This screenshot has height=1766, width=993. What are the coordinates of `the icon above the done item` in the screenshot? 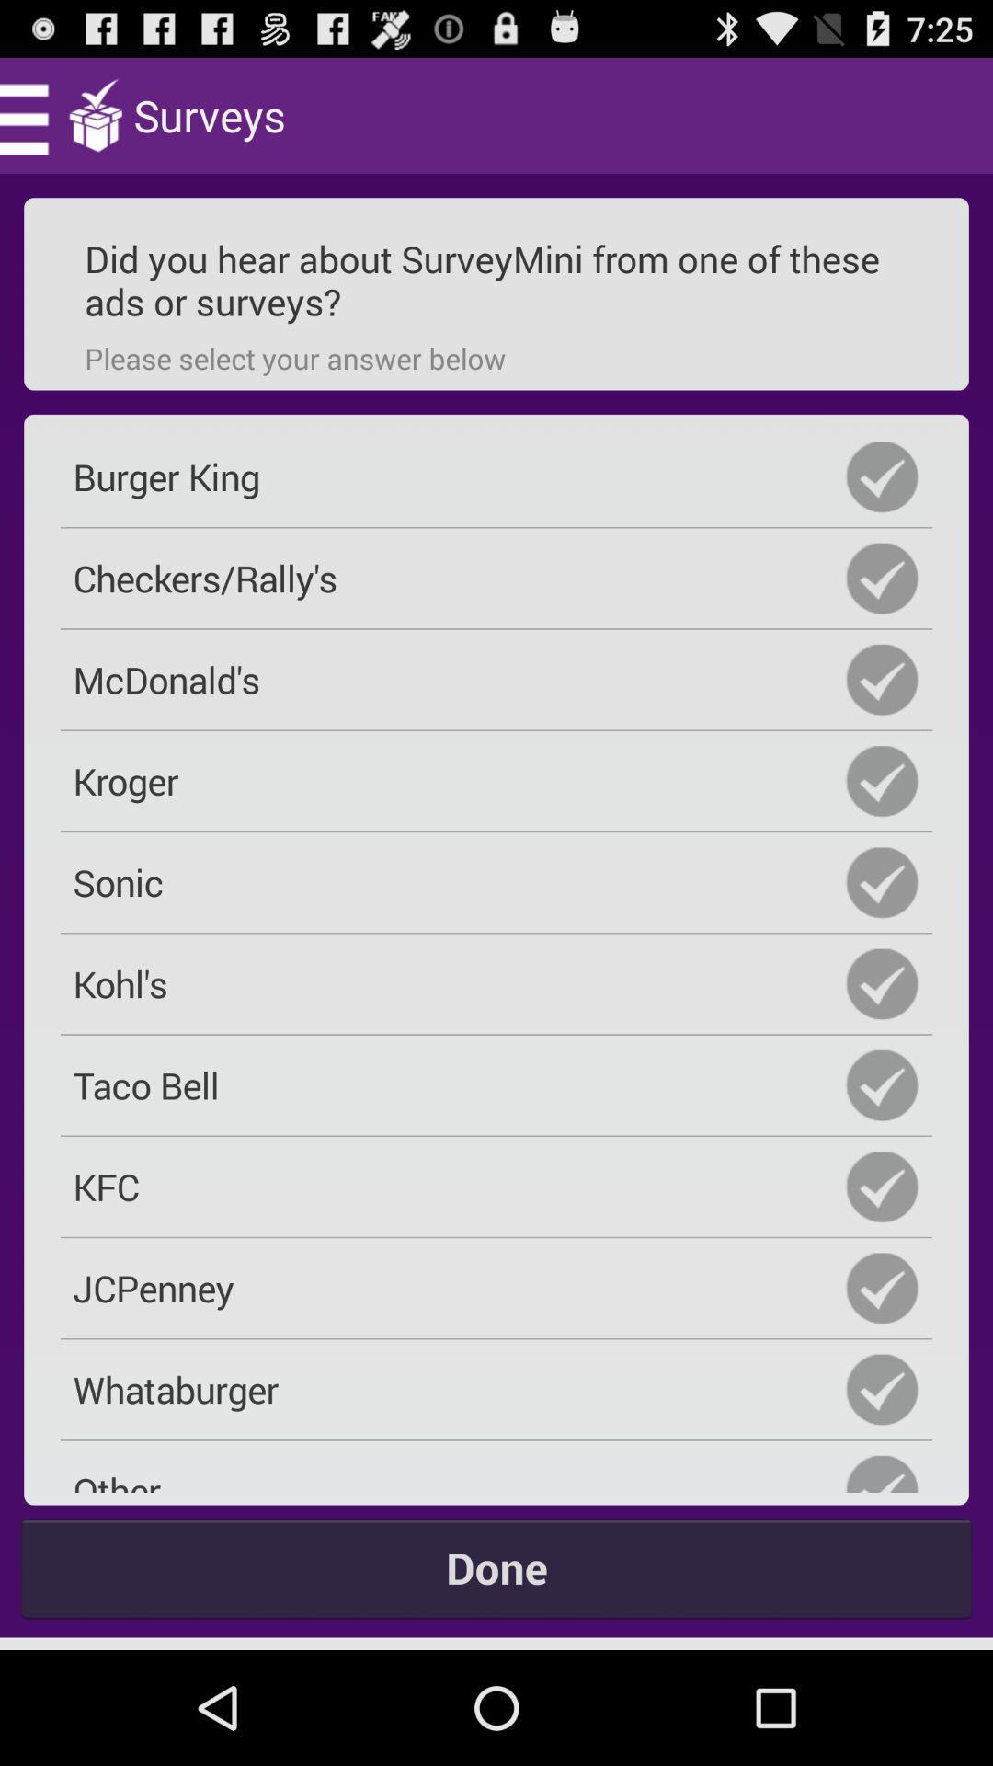 It's located at (496, 1473).